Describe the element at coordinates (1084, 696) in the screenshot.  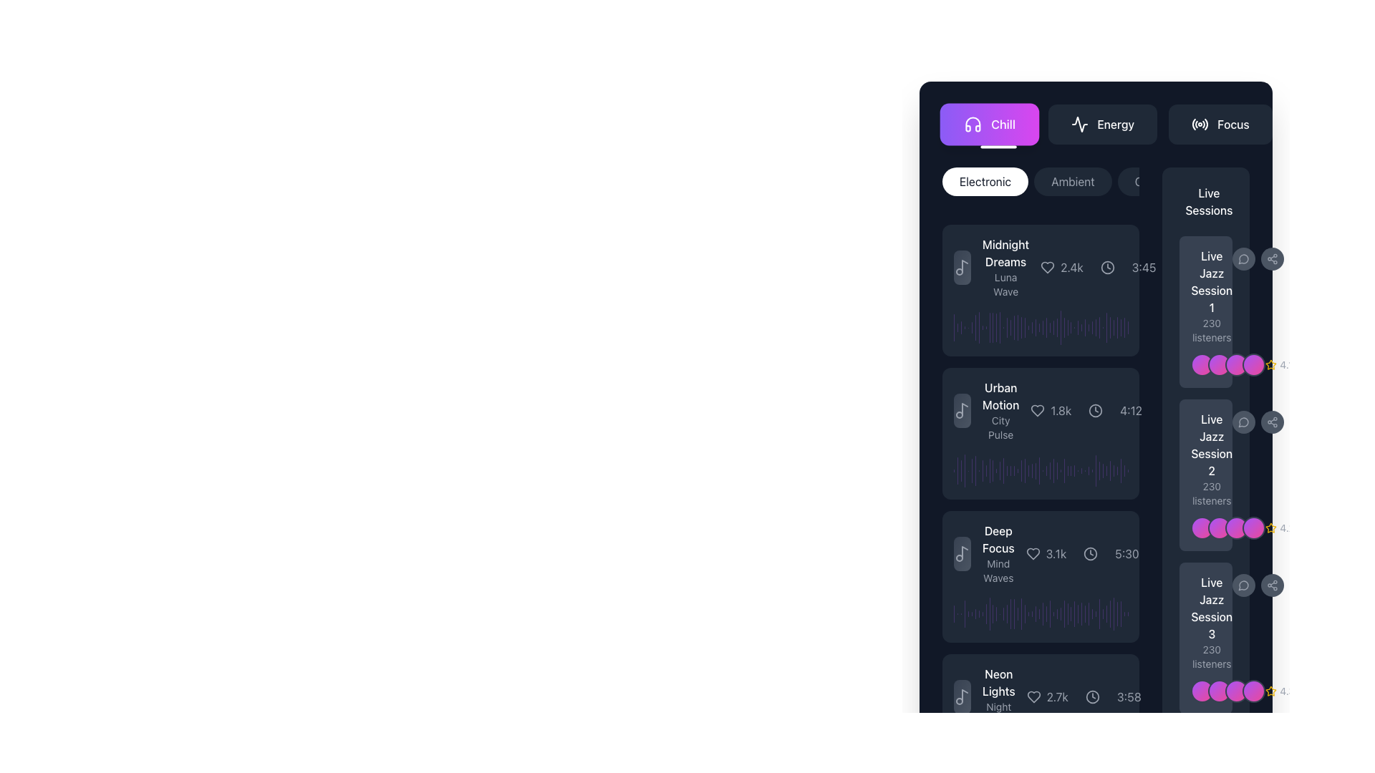
I see `the numeric label '2.7k' in the informational bar of the entry titled 'Neon Lights'` at that location.